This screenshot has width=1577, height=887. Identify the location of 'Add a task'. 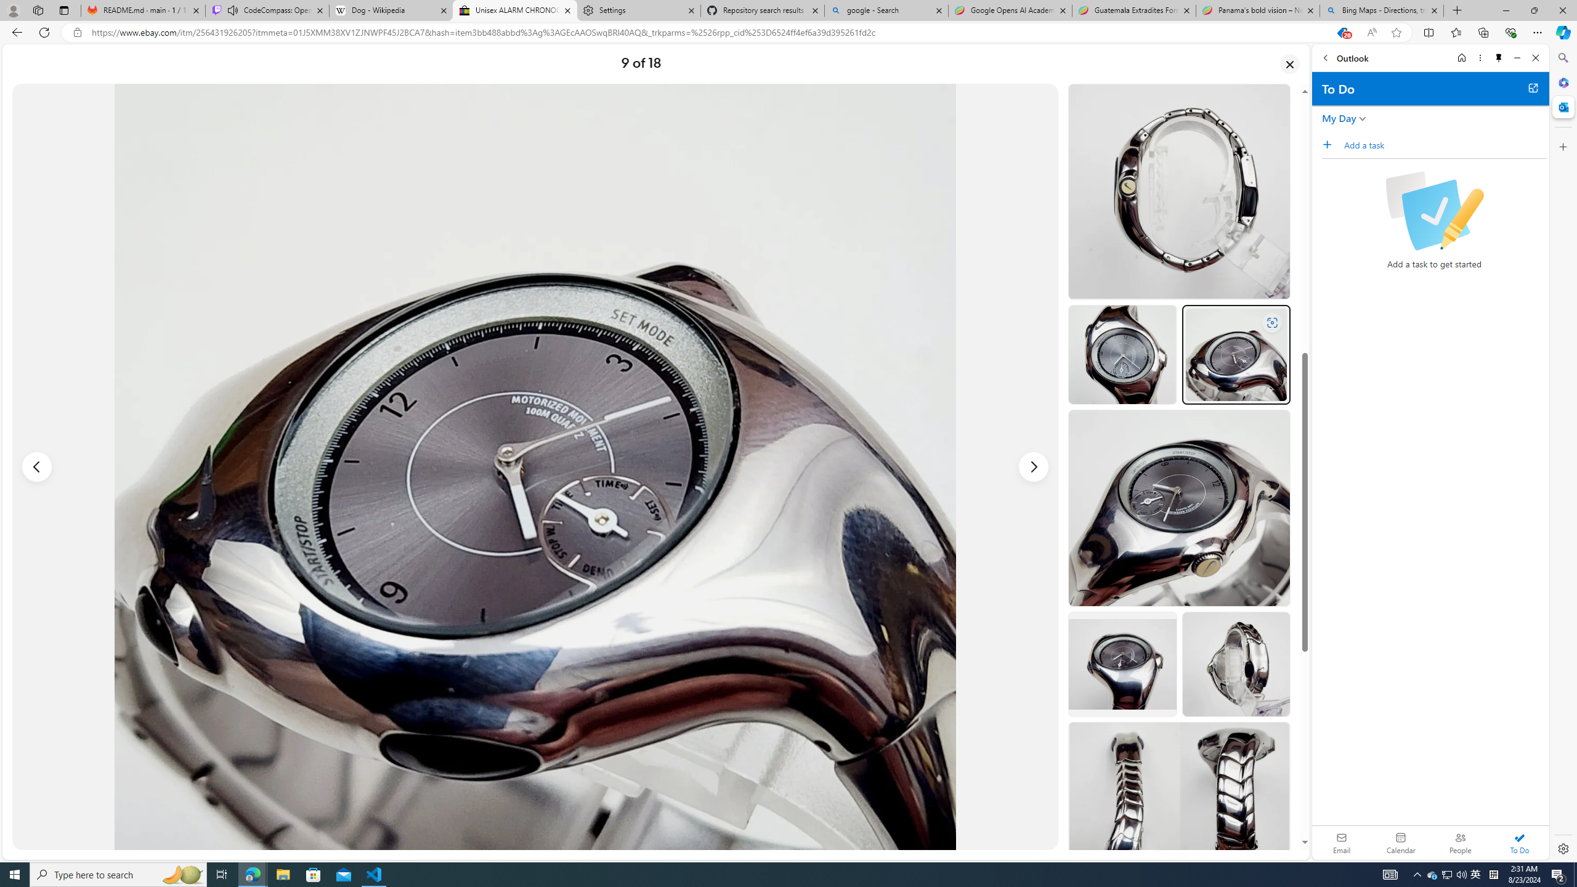
(1445, 144).